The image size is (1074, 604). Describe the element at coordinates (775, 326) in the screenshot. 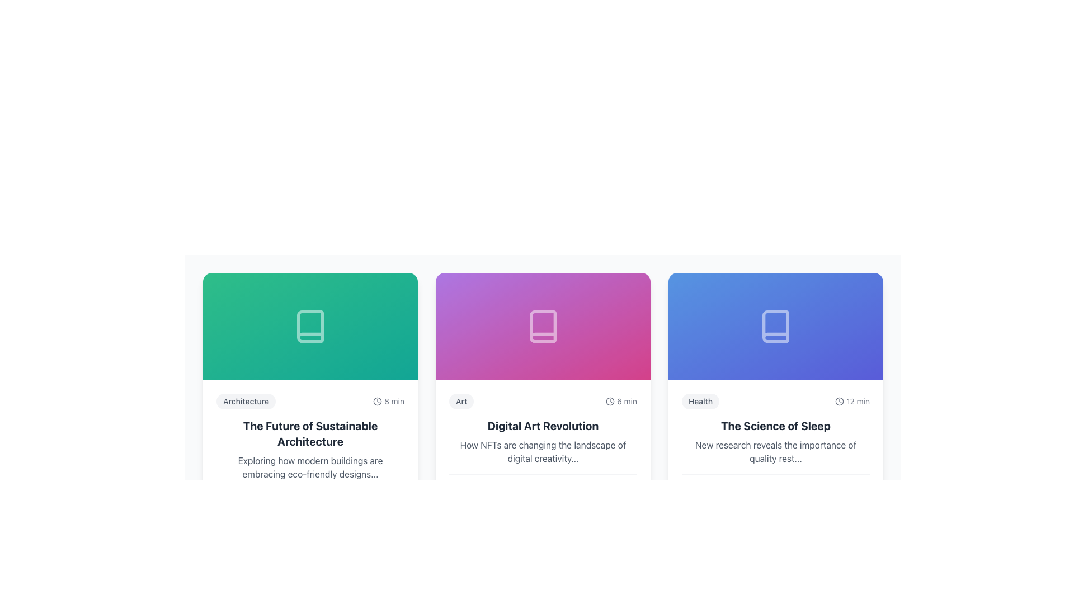

I see `the decorative book icon located at the top-center of the third card in a triplet, which has a blue-gradient background and is related to health and sleep science` at that location.